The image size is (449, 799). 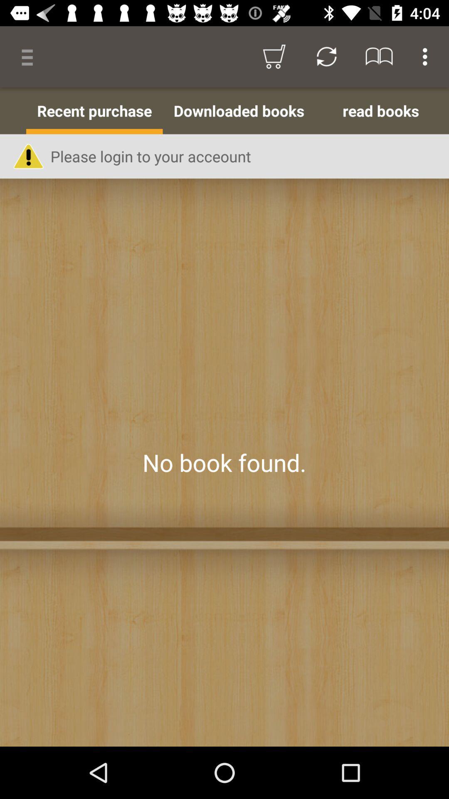 What do you see at coordinates (239, 110) in the screenshot?
I see `the icon above the please login to` at bounding box center [239, 110].